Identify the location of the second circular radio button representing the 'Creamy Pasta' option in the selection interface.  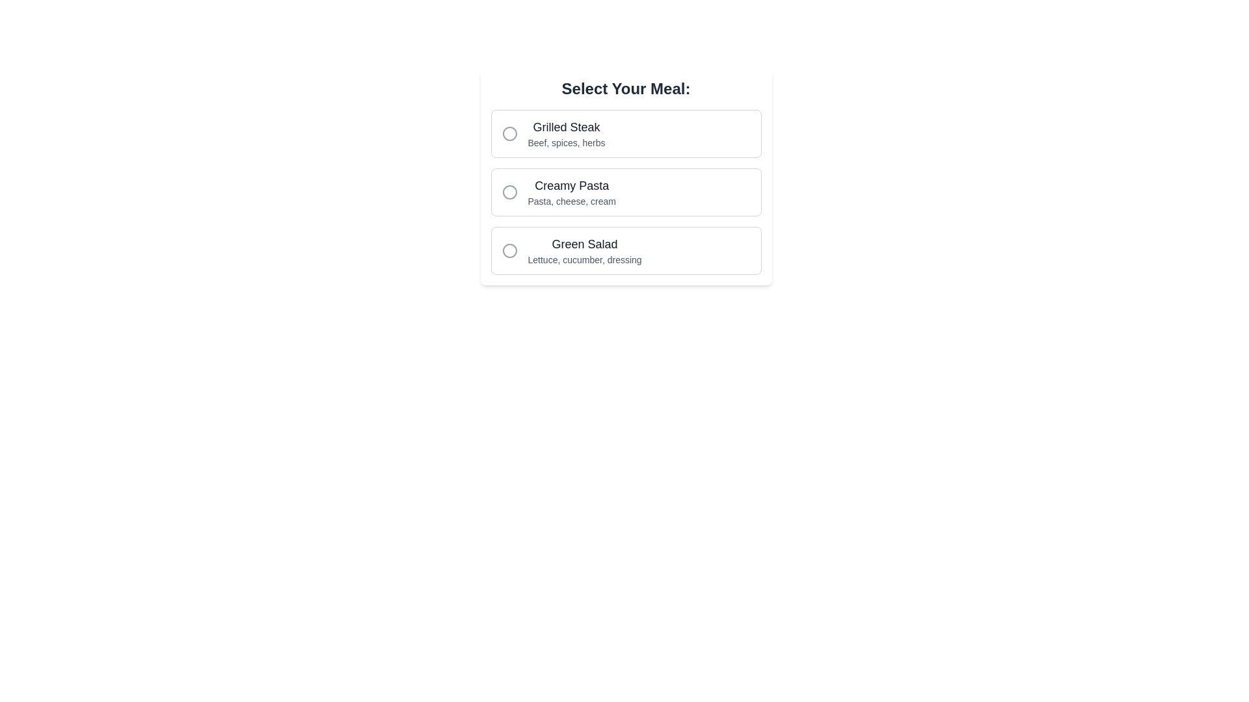
(509, 192).